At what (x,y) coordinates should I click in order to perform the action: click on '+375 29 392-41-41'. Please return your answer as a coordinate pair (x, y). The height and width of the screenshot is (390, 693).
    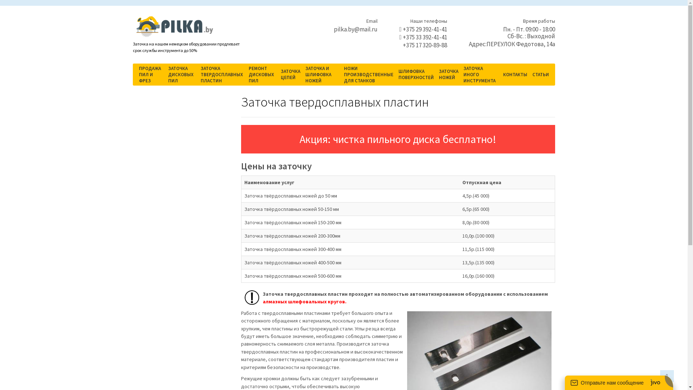
    Looking at the image, I should click on (423, 29).